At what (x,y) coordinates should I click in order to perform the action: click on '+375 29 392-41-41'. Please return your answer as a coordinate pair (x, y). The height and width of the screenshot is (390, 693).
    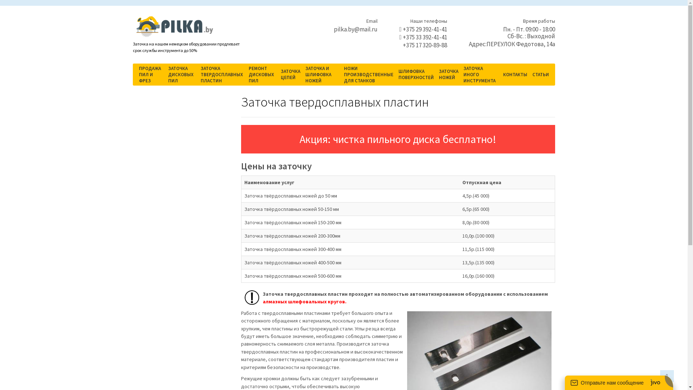
    Looking at the image, I should click on (423, 29).